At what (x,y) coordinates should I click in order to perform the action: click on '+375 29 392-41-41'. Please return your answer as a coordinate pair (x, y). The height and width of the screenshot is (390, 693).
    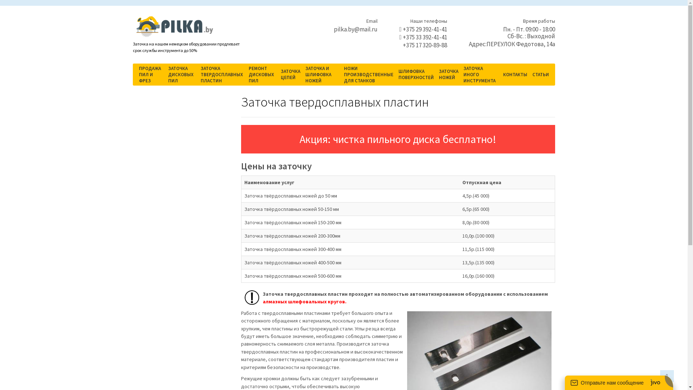
    Looking at the image, I should click on (423, 29).